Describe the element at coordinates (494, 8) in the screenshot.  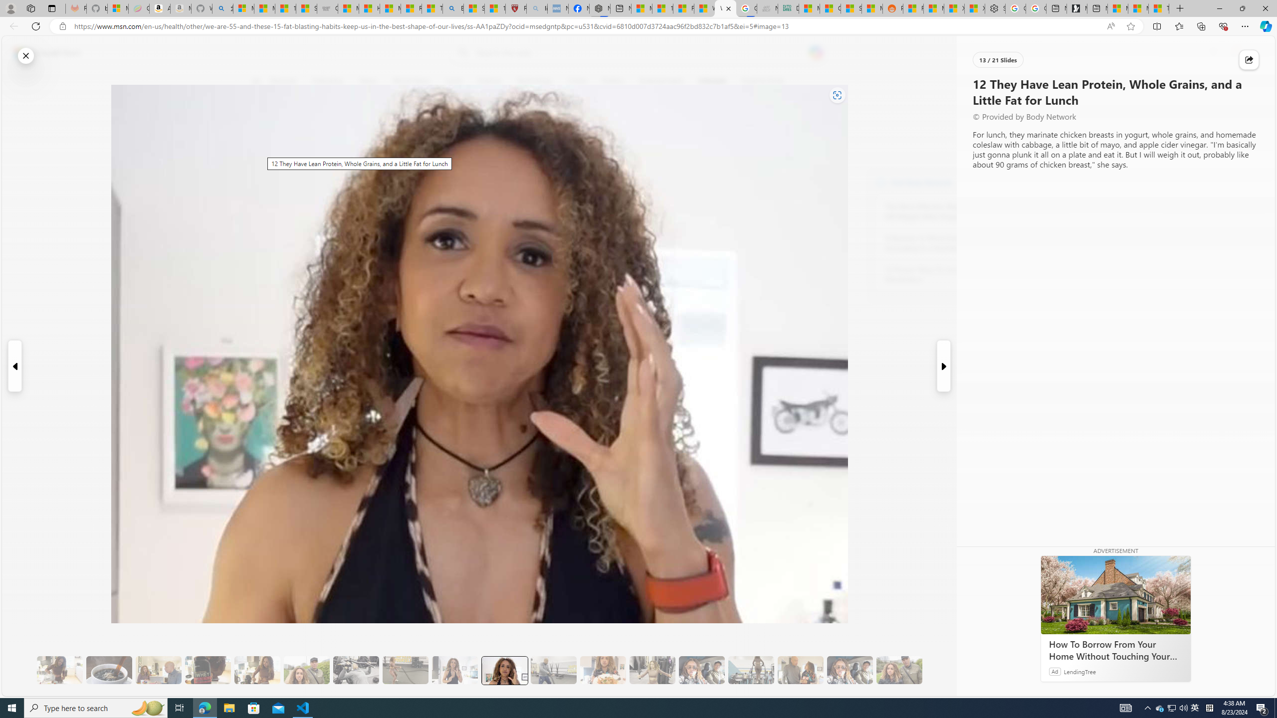
I see `'12 Popular Science Lies that Must be Corrected'` at that location.